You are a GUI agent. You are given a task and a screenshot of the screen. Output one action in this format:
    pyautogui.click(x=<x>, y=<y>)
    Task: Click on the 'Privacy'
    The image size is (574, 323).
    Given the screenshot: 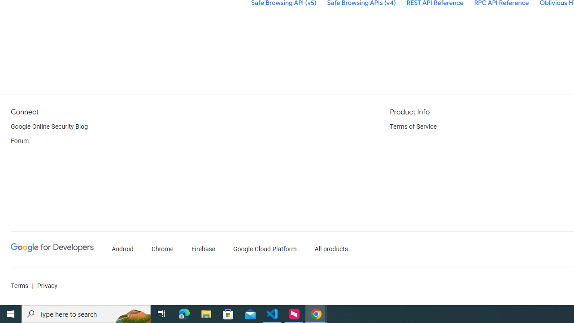 What is the action you would take?
    pyautogui.click(x=46, y=286)
    